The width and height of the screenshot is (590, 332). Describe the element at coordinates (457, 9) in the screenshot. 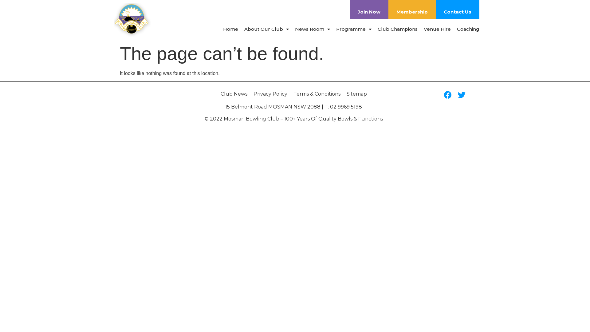

I see `'Contact Us'` at that location.